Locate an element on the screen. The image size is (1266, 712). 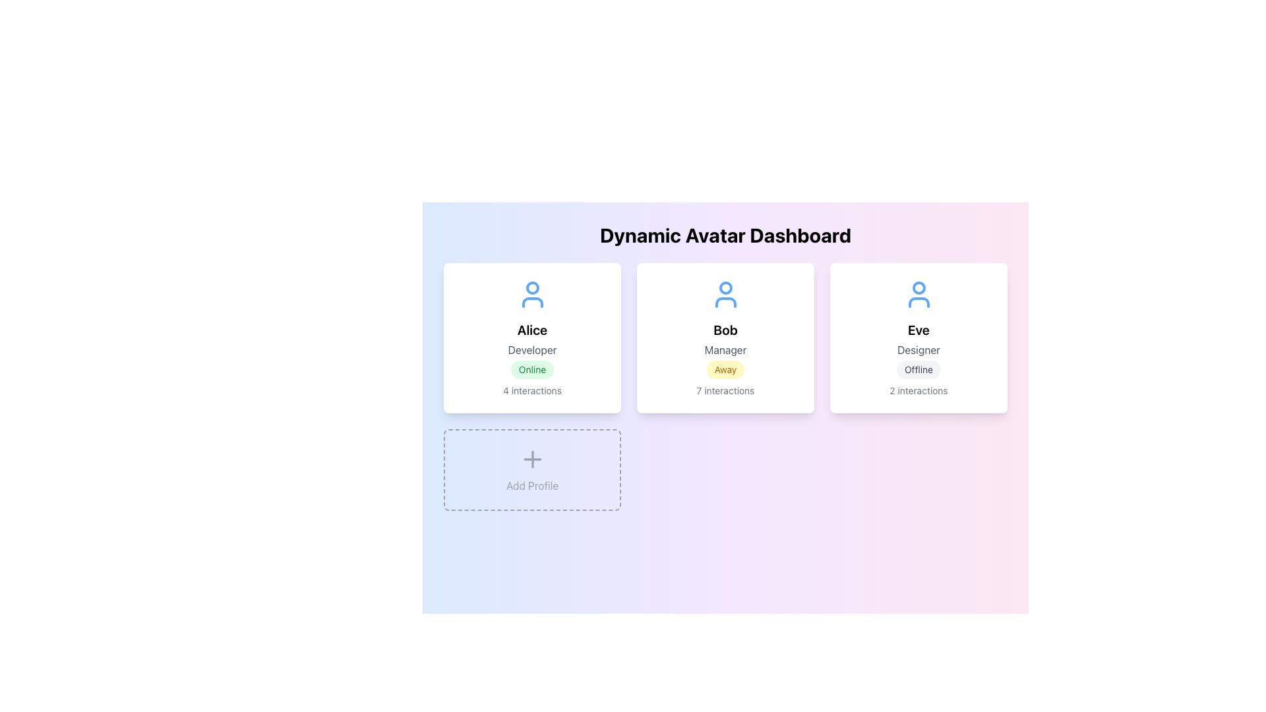
the static text label displaying 'Manager', which is gray and smaller than the surrounding text, located below 'Bob' and above the 'Away' status indicator is located at coordinates (725, 349).